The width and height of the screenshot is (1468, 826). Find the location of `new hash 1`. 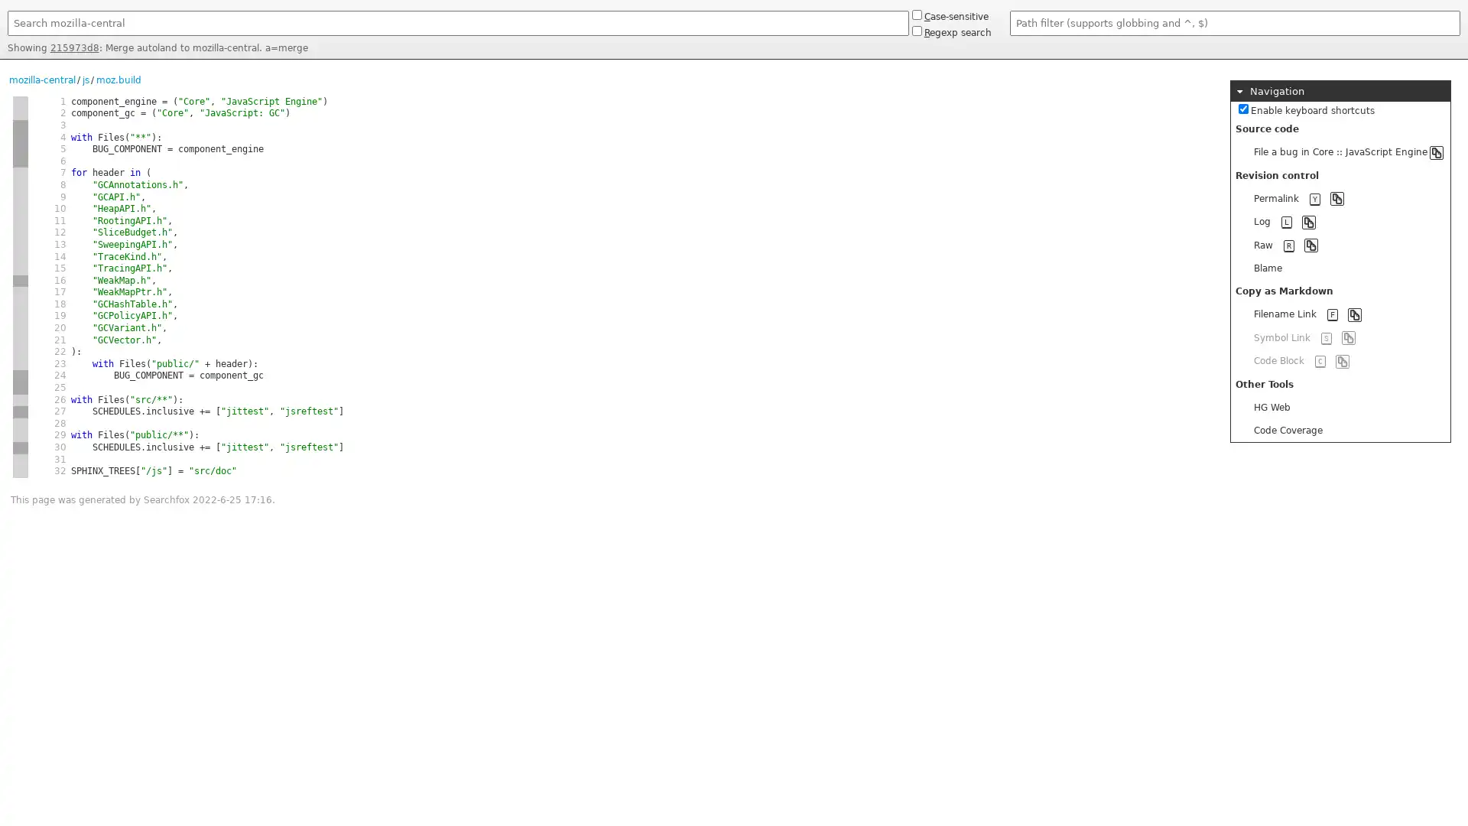

new hash 1 is located at coordinates (21, 447).